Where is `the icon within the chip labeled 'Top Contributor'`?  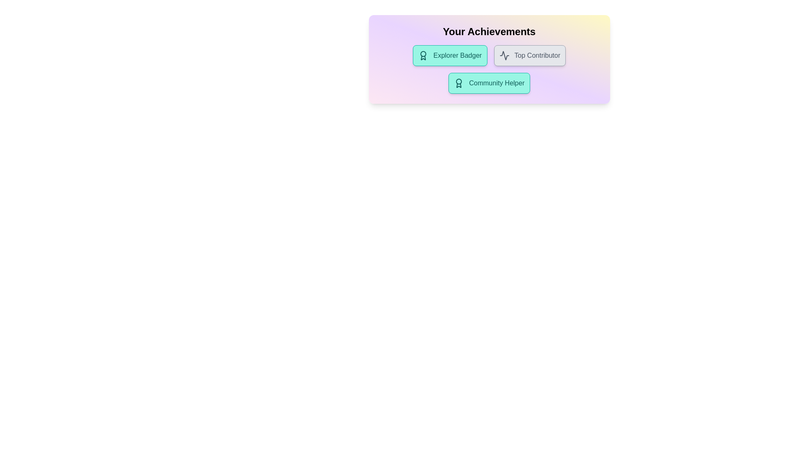 the icon within the chip labeled 'Top Contributor' is located at coordinates (504, 55).